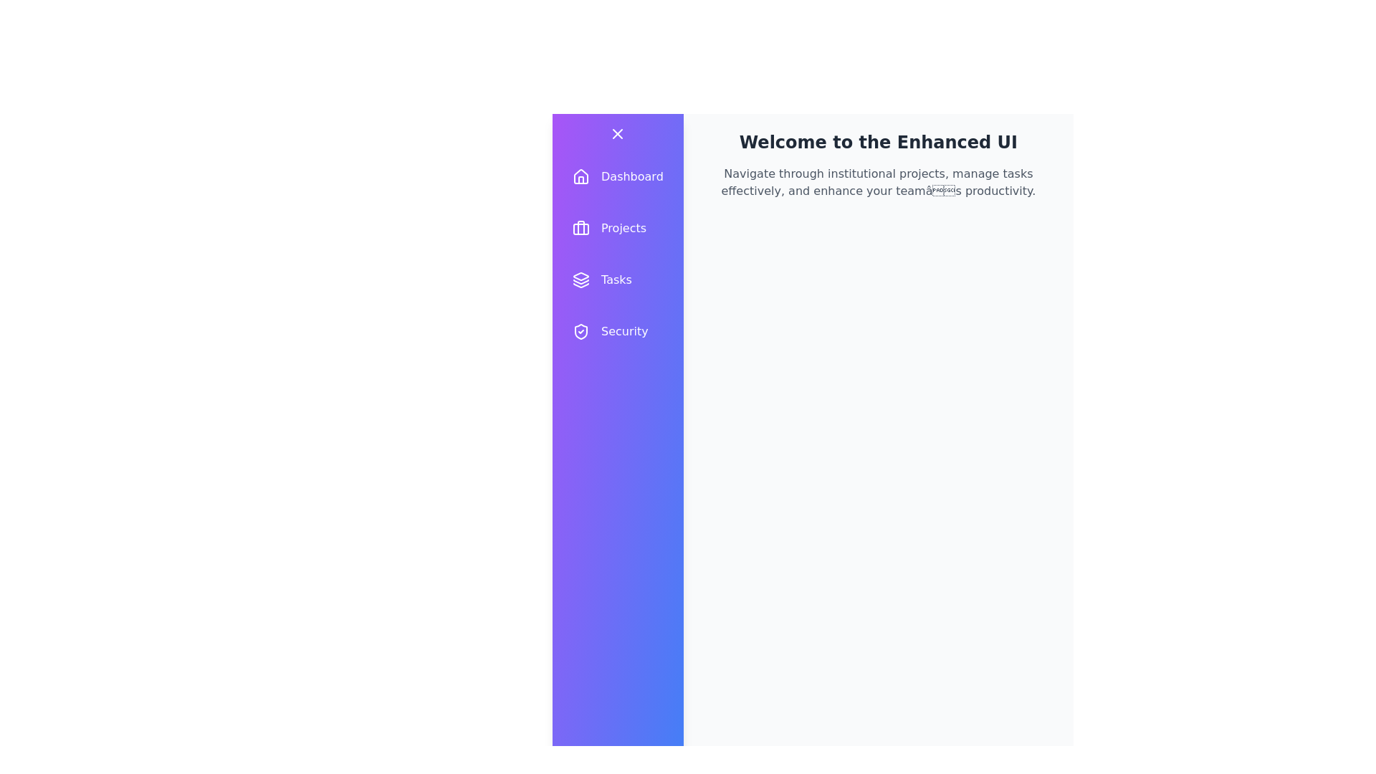 The image size is (1376, 774). I want to click on the 'X' shaped button located at the top-left corner of the sidebar, so click(618, 133).